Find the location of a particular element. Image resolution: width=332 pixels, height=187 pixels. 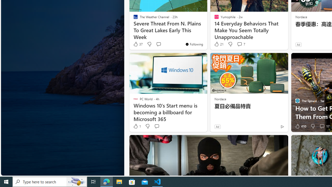

'View comments 7 Comment' is located at coordinates (241, 44).